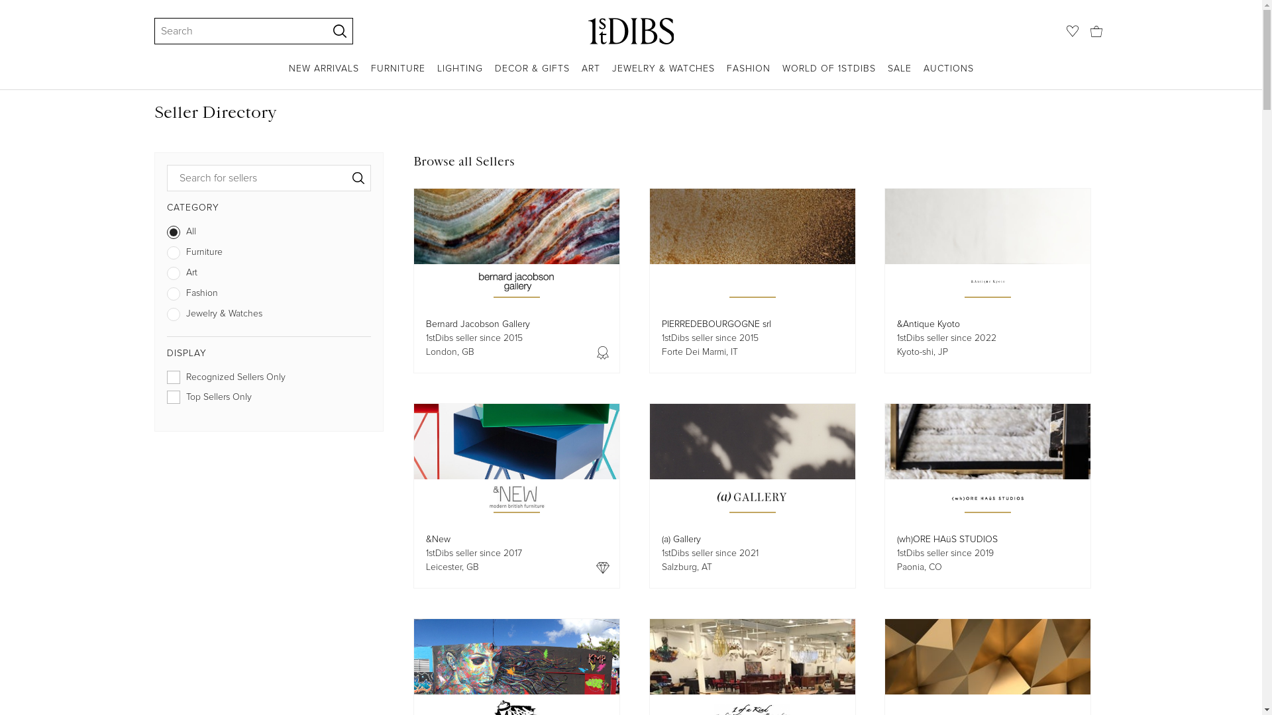 The width and height of the screenshot is (1272, 715). Describe the element at coordinates (661, 539) in the screenshot. I see `'(a) Gallery'` at that location.